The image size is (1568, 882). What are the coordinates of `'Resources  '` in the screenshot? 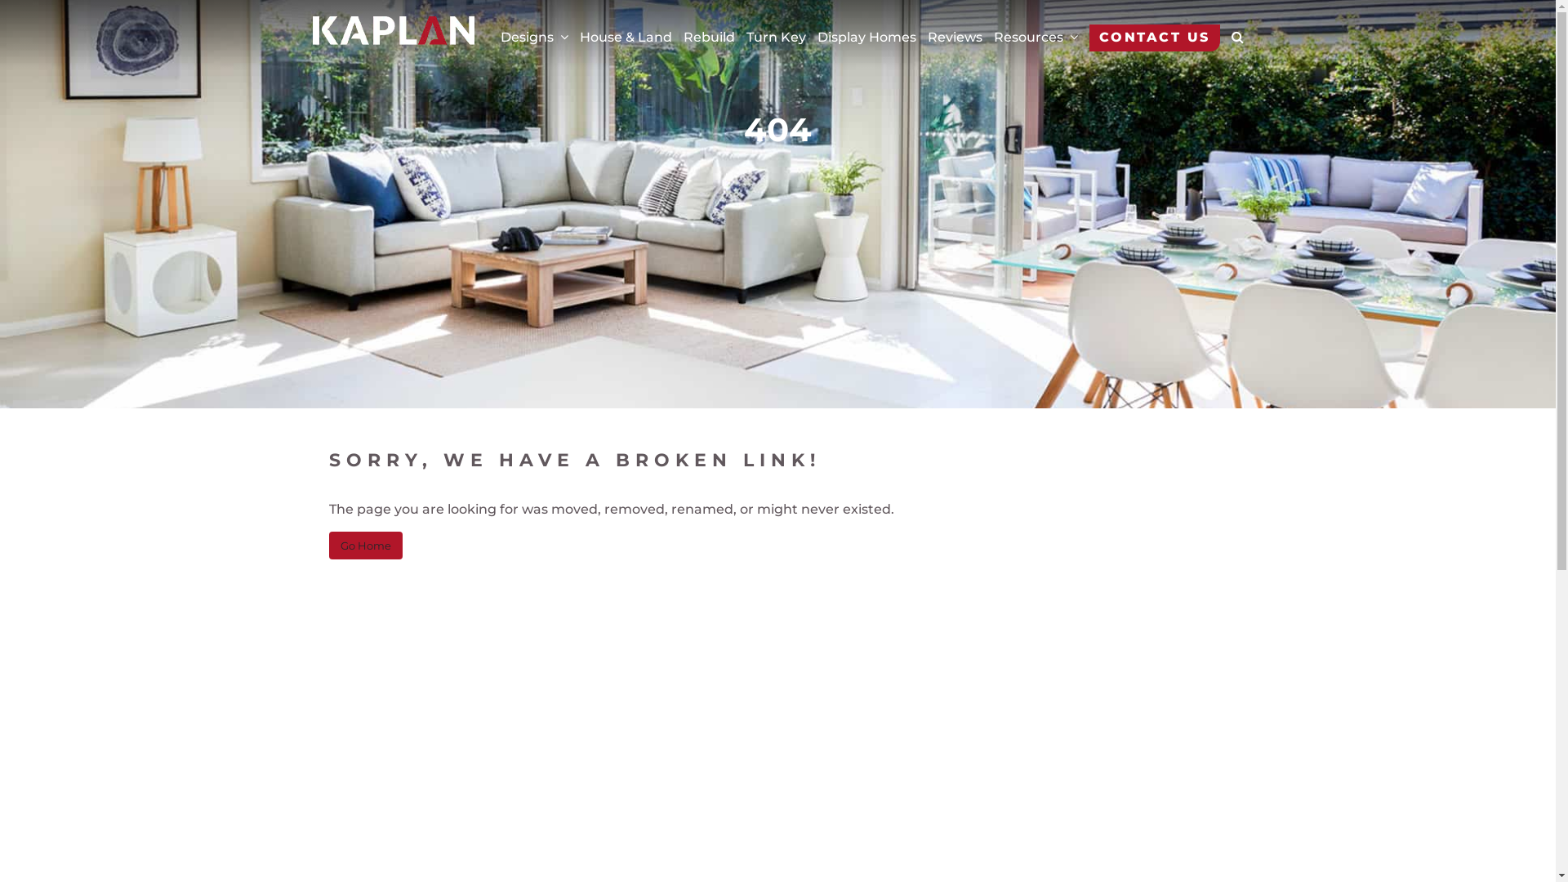 It's located at (1034, 37).